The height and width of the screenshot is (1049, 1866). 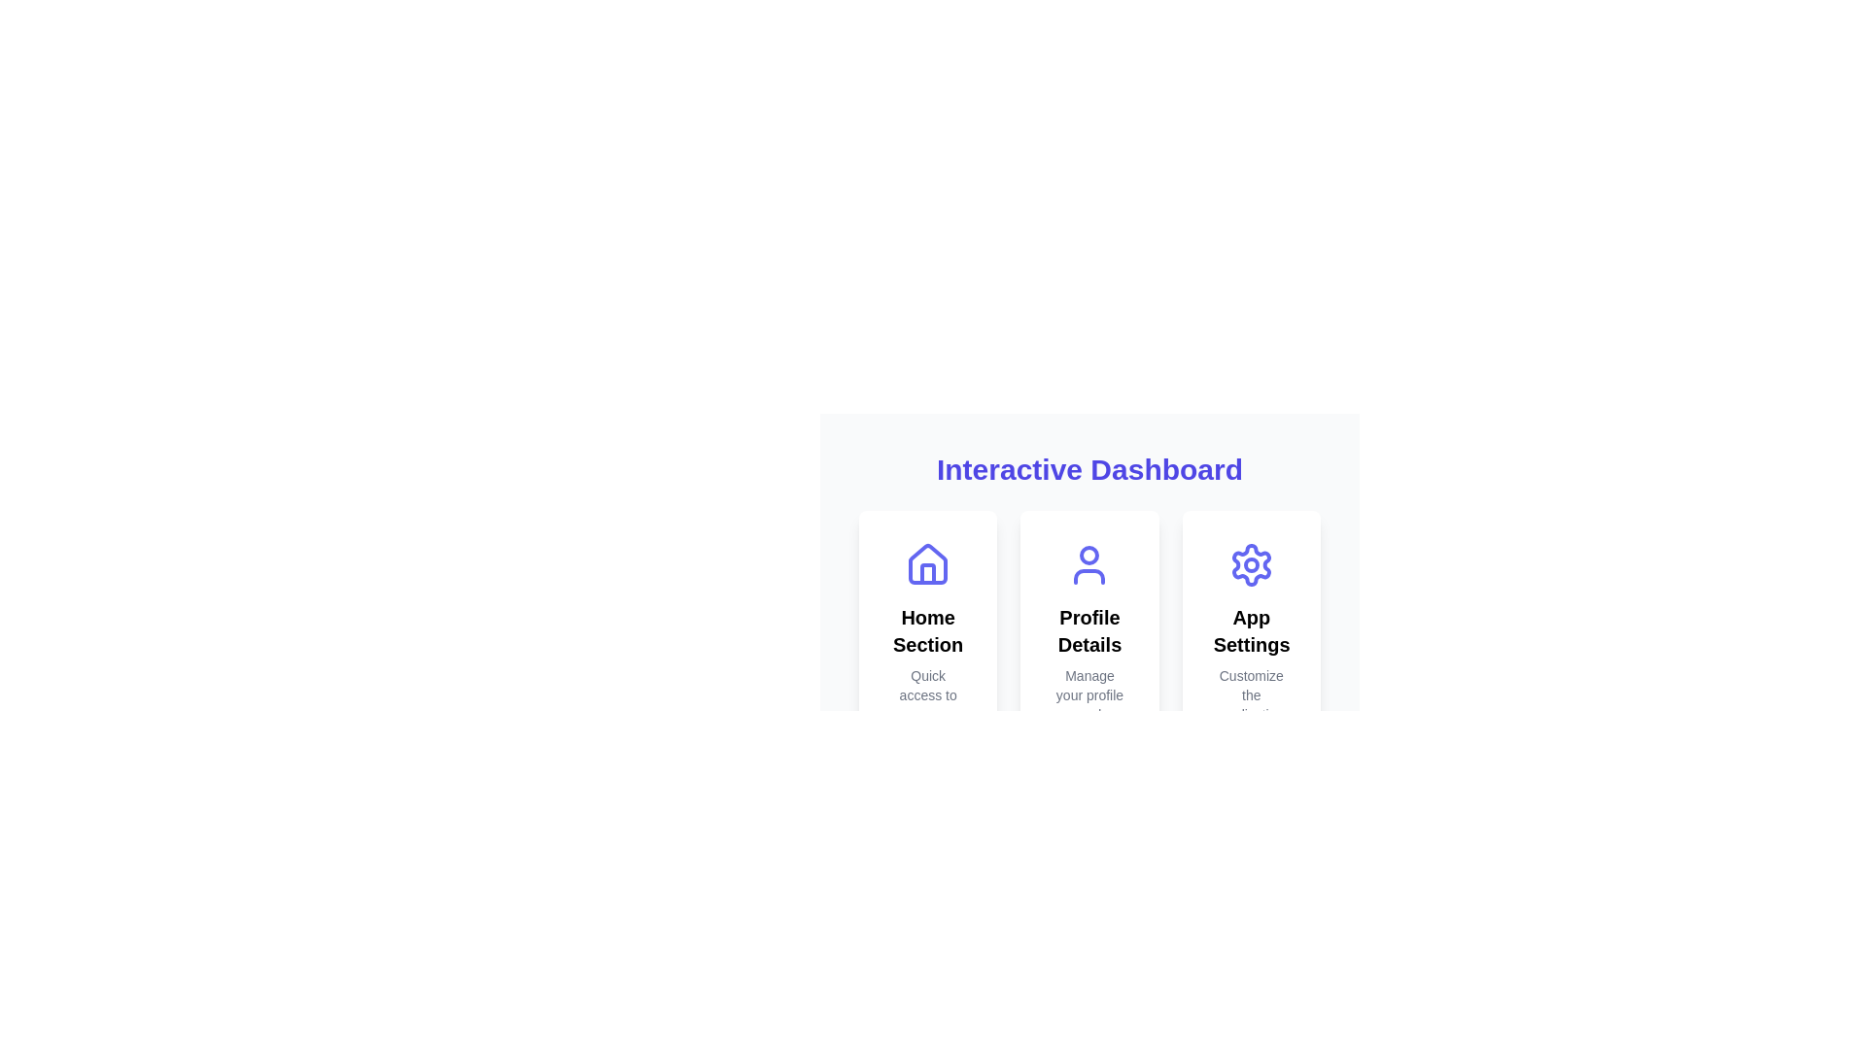 What do you see at coordinates (927, 661) in the screenshot?
I see `the Information Card, which is the first card in a horizontal grid layout` at bounding box center [927, 661].